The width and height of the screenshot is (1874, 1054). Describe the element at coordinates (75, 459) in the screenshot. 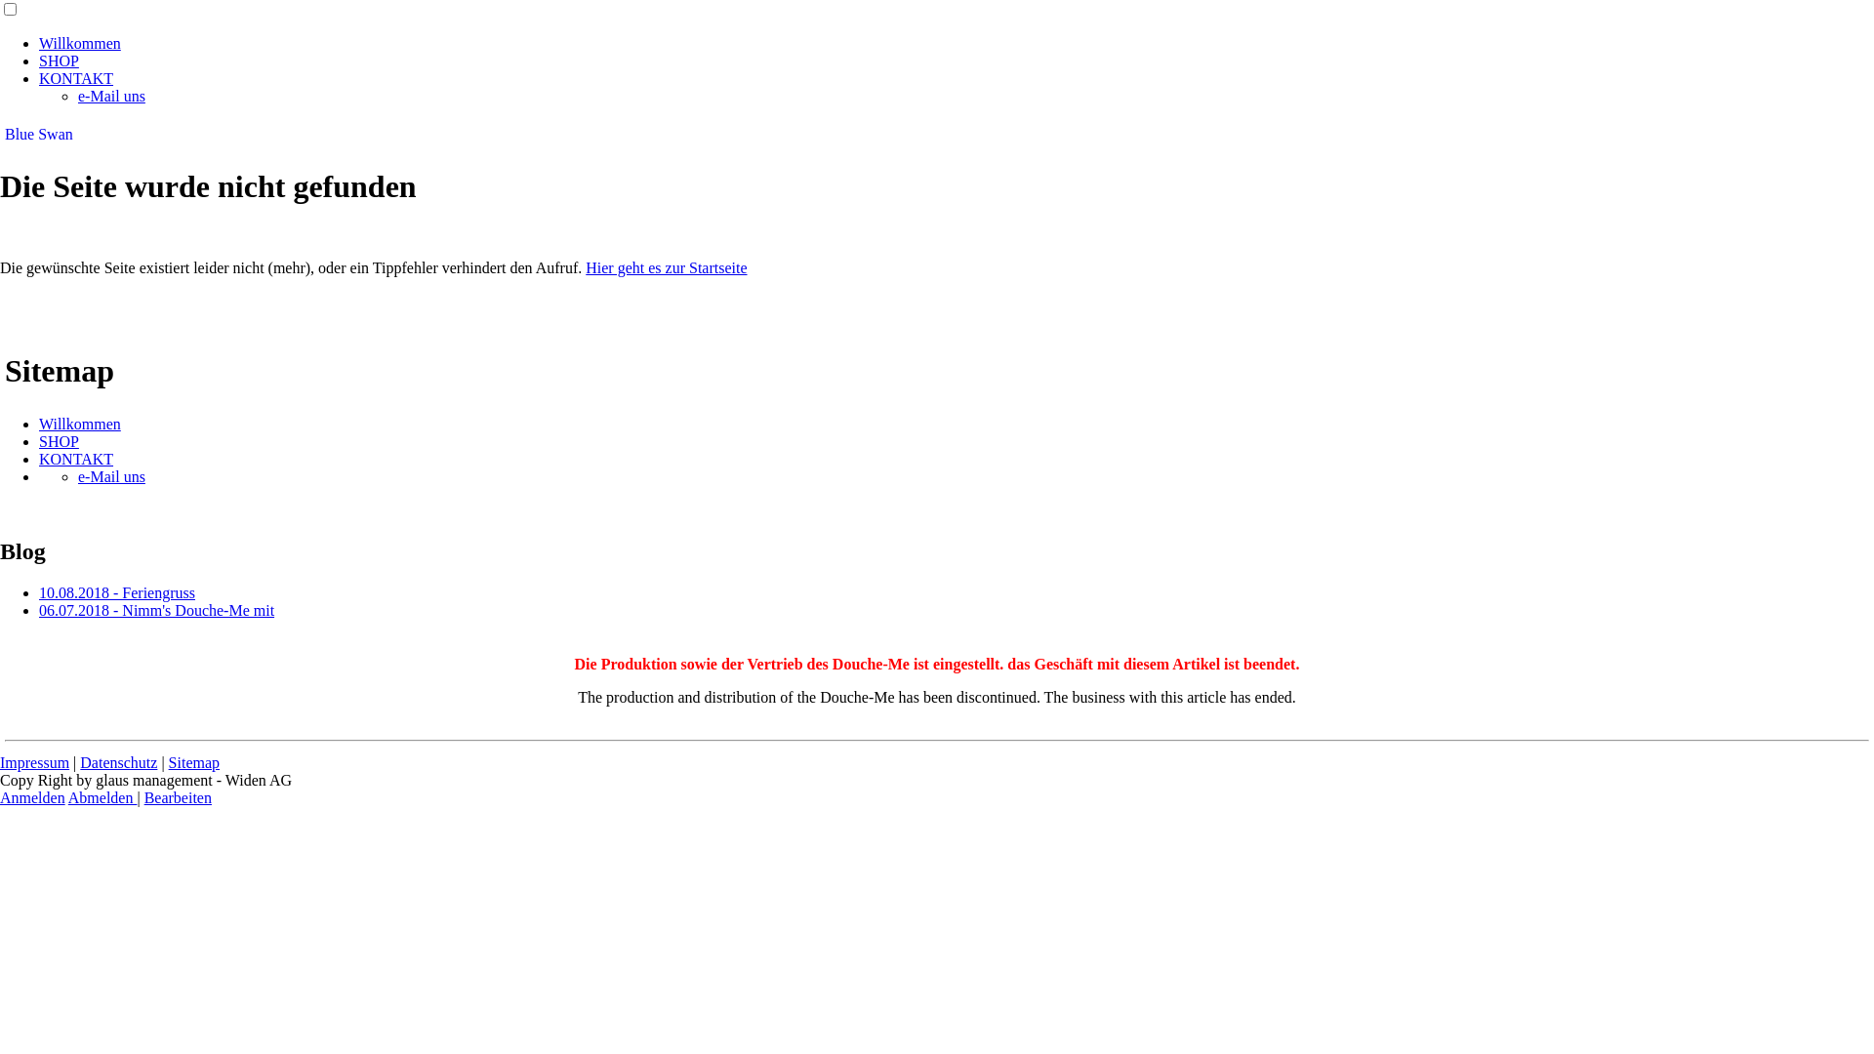

I see `'KONTAKT'` at that location.